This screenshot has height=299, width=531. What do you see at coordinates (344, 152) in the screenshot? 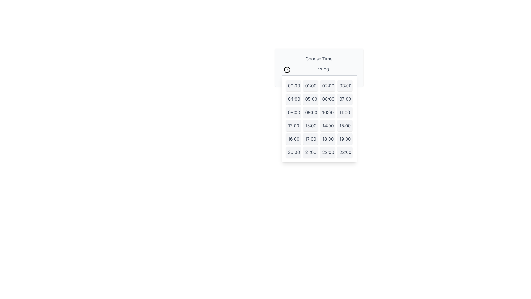
I see `the button representing the time '23:00' located at the bottom right corner of the time selection grid` at bounding box center [344, 152].